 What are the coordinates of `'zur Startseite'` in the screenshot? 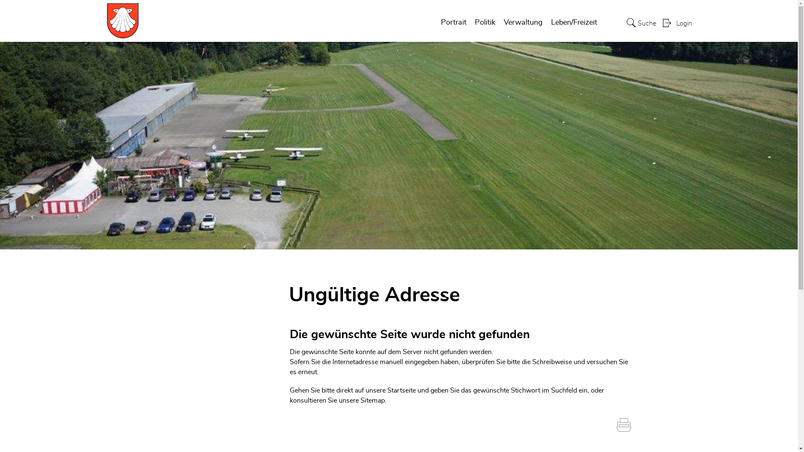 It's located at (0, 0).